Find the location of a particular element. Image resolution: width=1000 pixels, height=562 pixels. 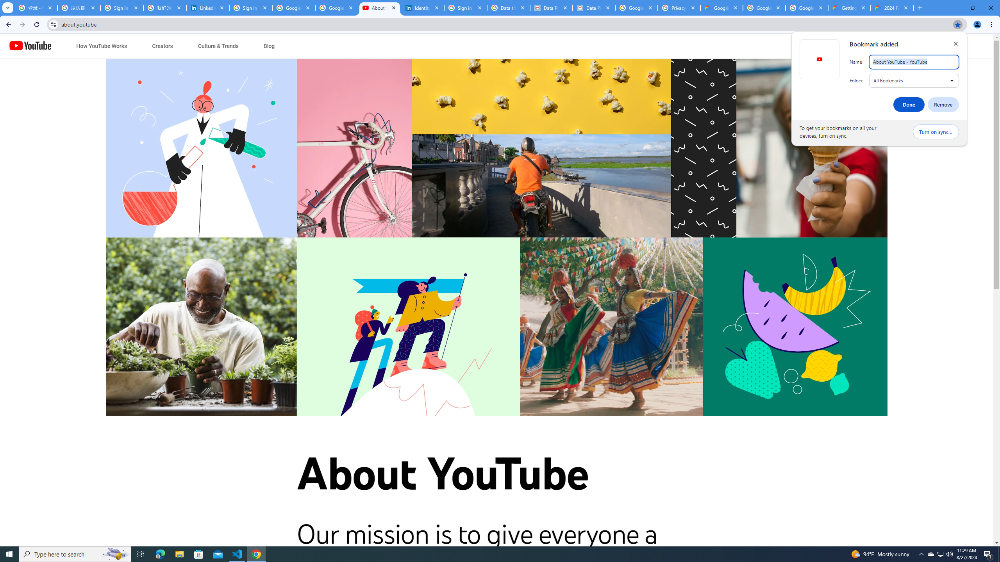

'User Promoted Notification Area' is located at coordinates (939, 553).